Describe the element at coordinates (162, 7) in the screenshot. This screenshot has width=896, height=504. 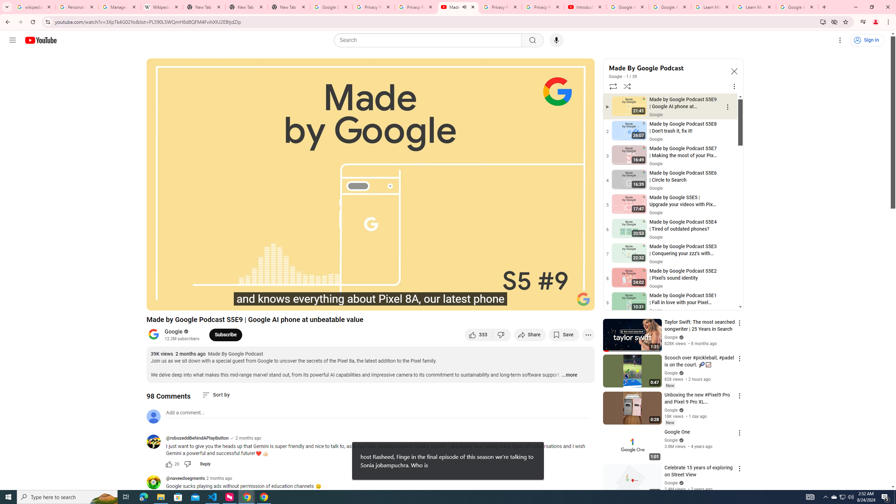
I see `'Wikipedia:Edit requests - Wikipedia'` at that location.